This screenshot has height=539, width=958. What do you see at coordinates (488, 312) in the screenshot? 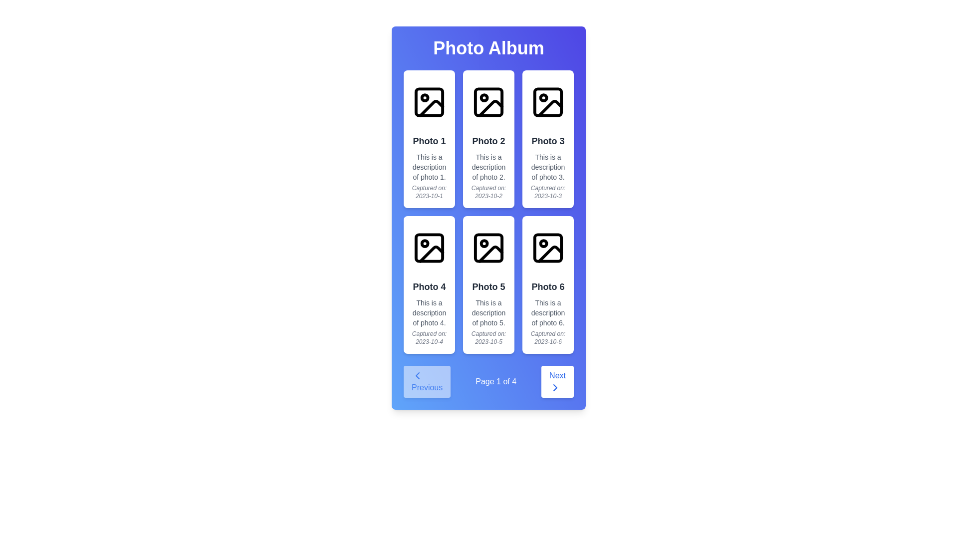
I see `the Text Label that provides additional information about the specific photo, located below 'Photo 5' and above 'Captured on: 2023-10-5'` at bounding box center [488, 312].